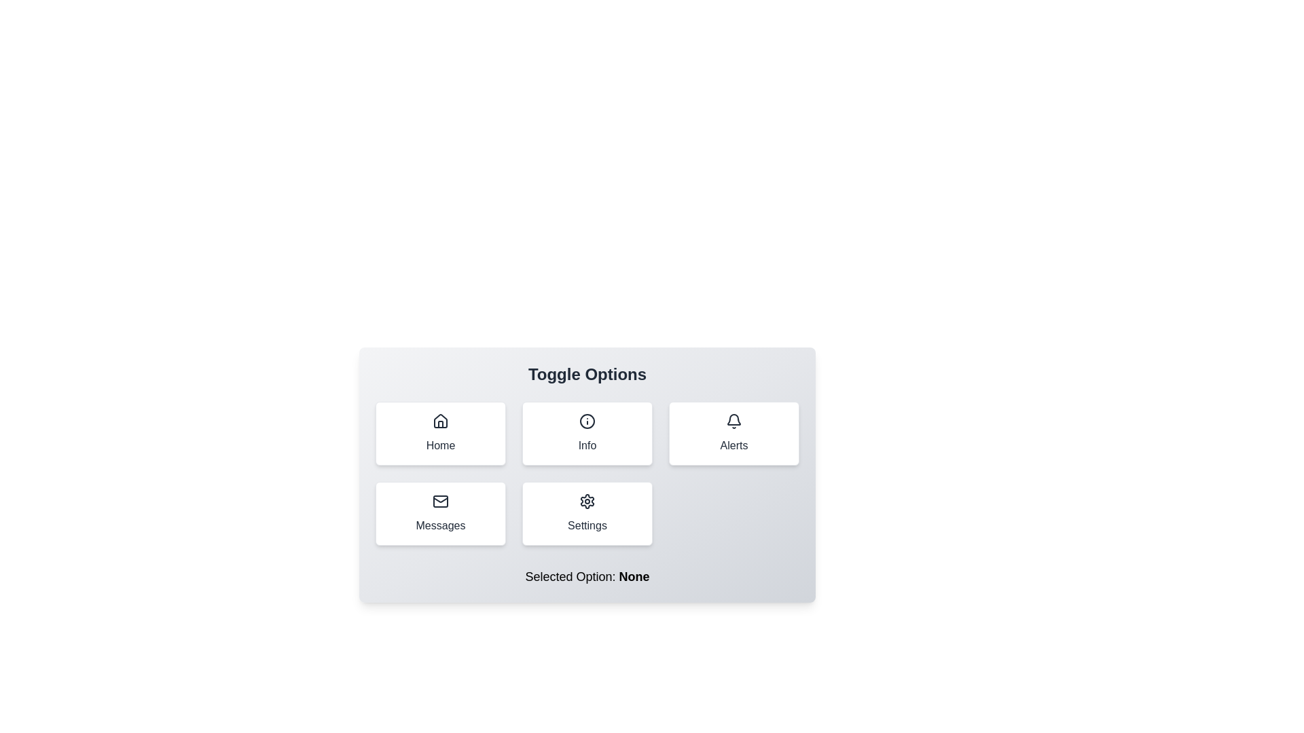 The height and width of the screenshot is (733, 1304). I want to click on the 'Info' button, which is a rectangular button with a white background, slightly rounded corners, and a centered icon styled as an encircled letter 'i' above the bold text label 'Info', so click(587, 434).